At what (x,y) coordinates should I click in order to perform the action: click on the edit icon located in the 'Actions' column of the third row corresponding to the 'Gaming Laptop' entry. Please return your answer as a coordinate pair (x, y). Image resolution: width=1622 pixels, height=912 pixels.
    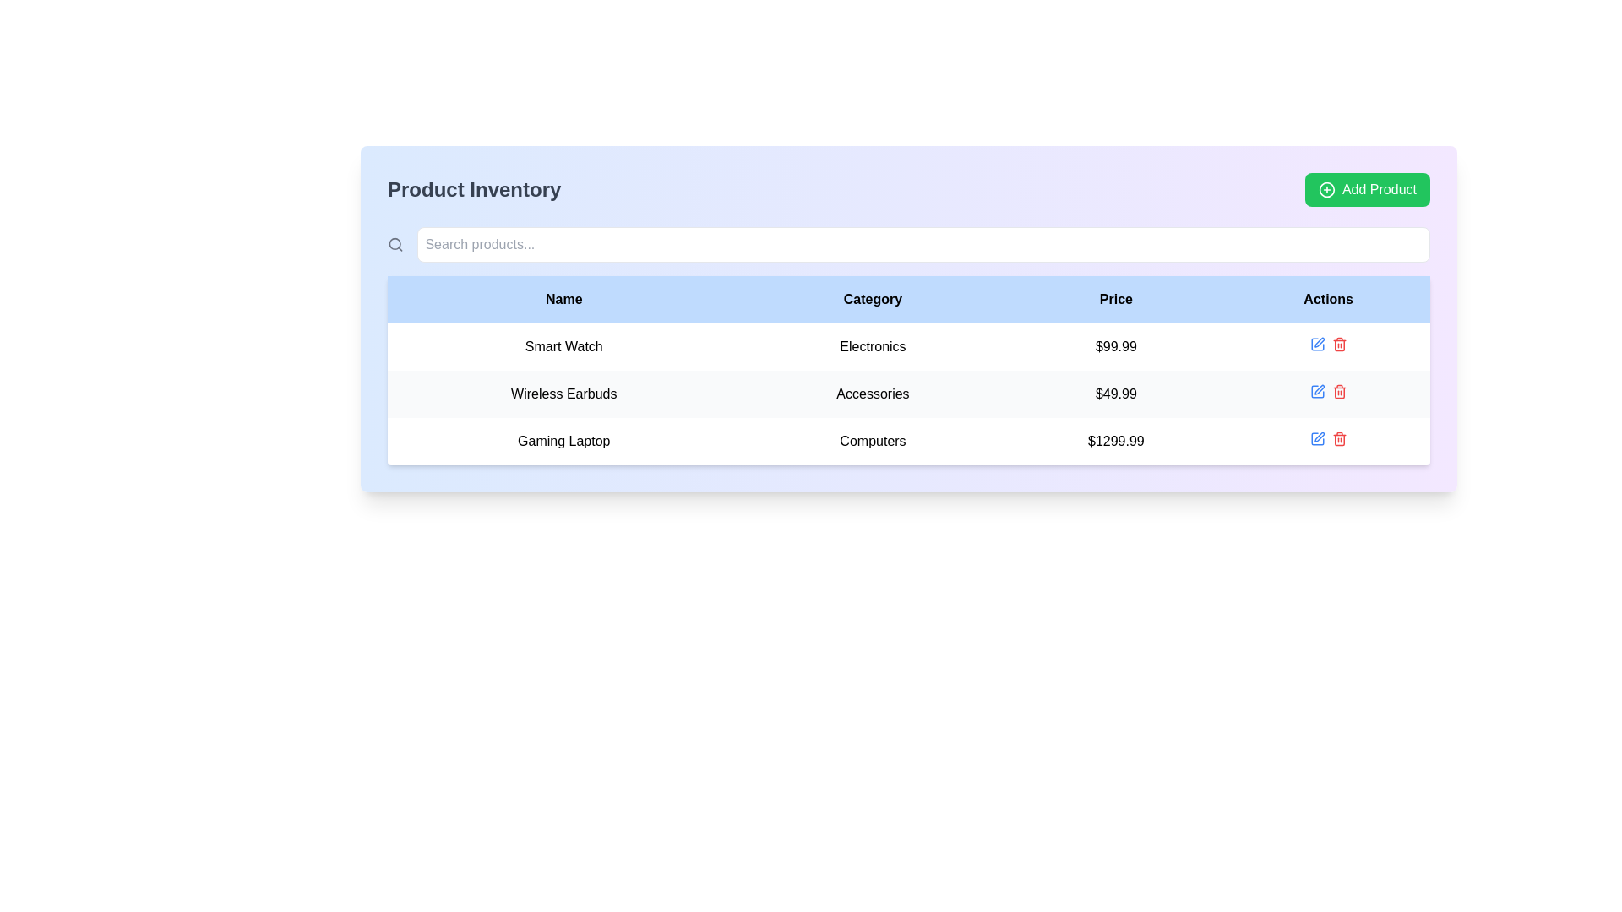
    Looking at the image, I should click on (1316, 391).